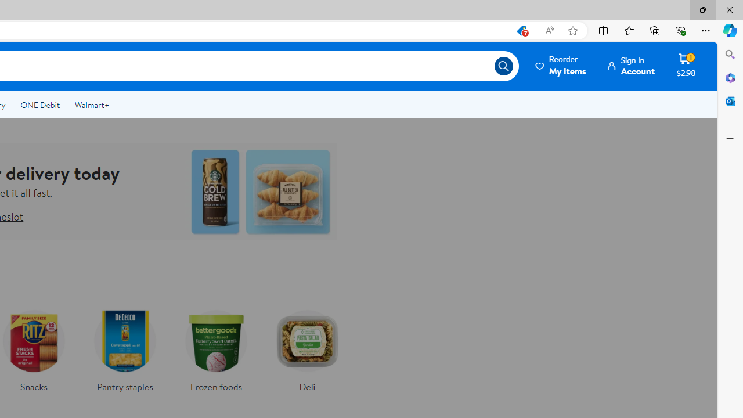 The image size is (743, 418). I want to click on 'ReorderMy Items', so click(561, 66).